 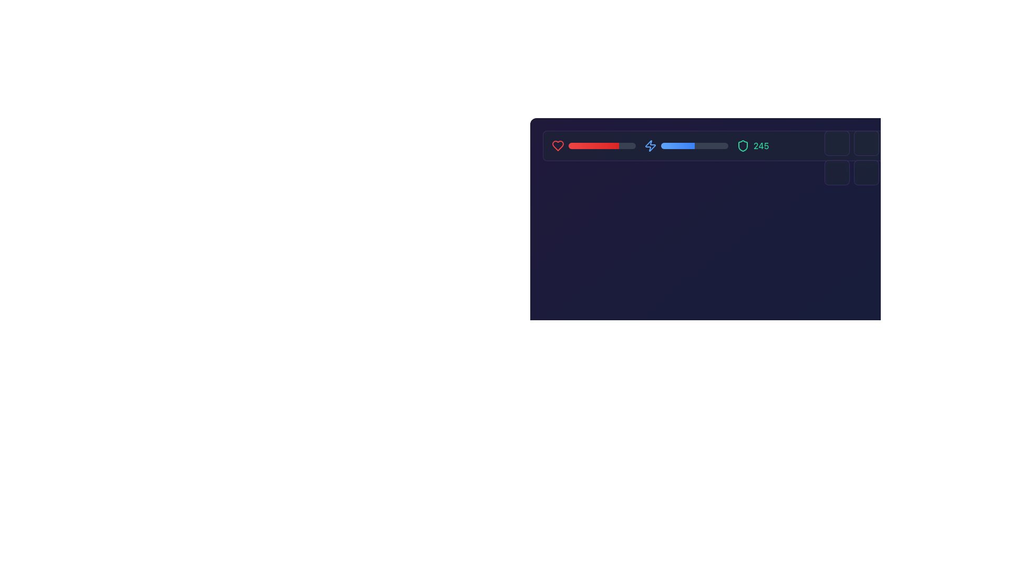 What do you see at coordinates (593, 145) in the screenshot?
I see `the value represented by the progress bar segment, which is a rectangular bar with a gradient fill transitioning from red to a darker shade of red, located in the top-left section of the interface` at bounding box center [593, 145].